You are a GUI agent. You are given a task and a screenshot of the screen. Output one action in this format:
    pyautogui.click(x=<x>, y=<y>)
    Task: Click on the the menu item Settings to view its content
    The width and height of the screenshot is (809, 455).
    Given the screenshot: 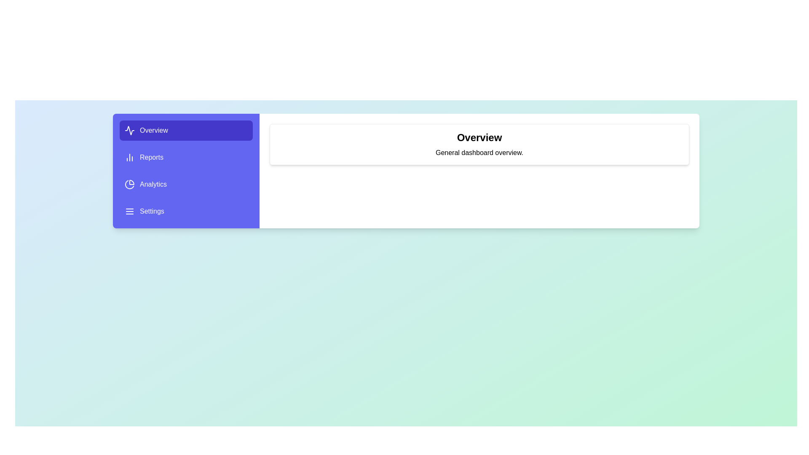 What is the action you would take?
    pyautogui.click(x=185, y=211)
    